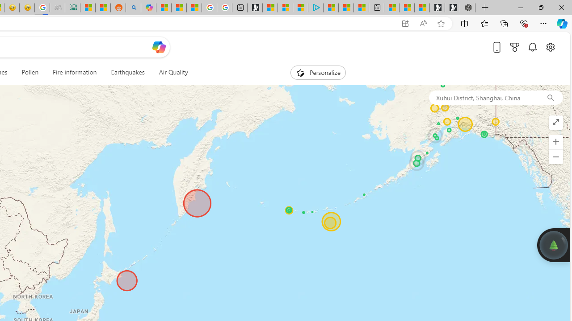 Image resolution: width=572 pixels, height=321 pixels. Describe the element at coordinates (422, 23) in the screenshot. I see `'Read aloud this page (Ctrl+Shift+U)'` at that location.